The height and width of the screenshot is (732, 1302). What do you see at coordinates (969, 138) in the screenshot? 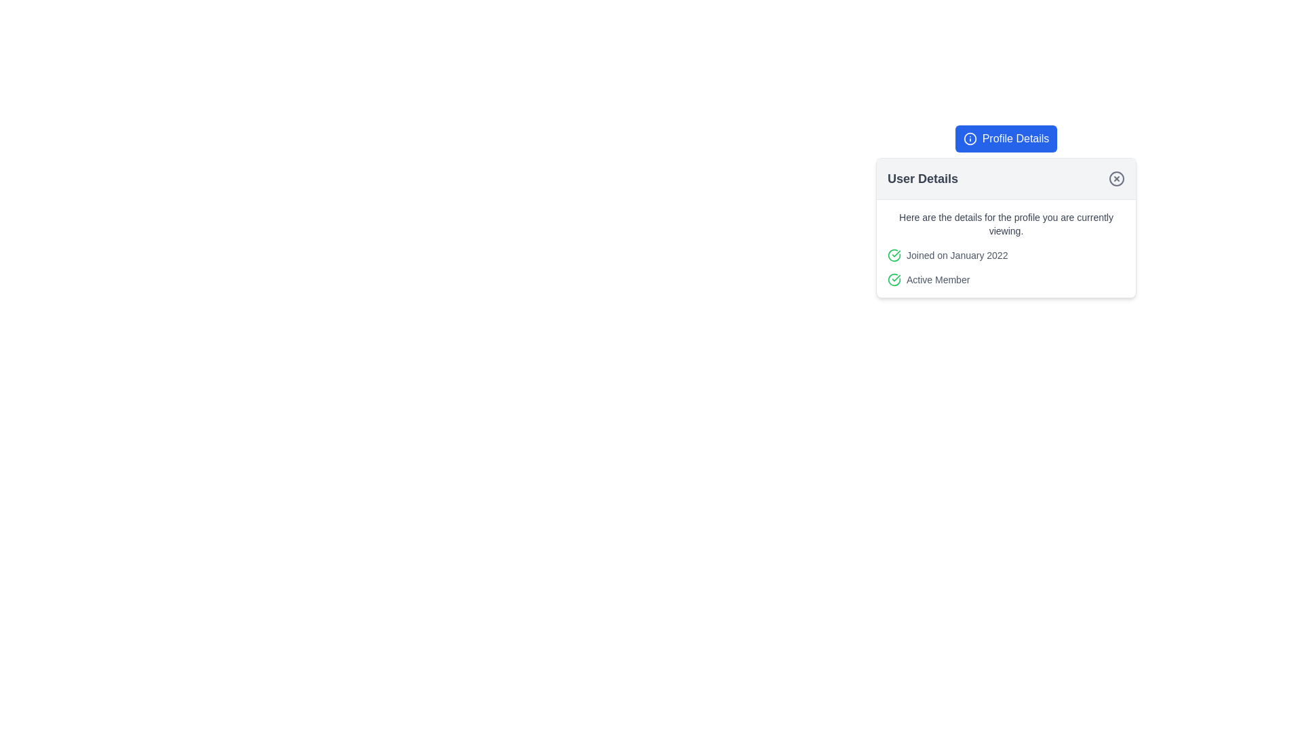
I see `the circular icon with an outlined circle and a vertical line inside it, located to the left of the 'Profile Details' button` at bounding box center [969, 138].